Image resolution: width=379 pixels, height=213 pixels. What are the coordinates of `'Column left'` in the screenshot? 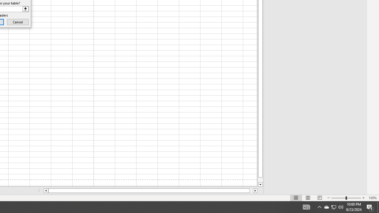 It's located at (45, 191).